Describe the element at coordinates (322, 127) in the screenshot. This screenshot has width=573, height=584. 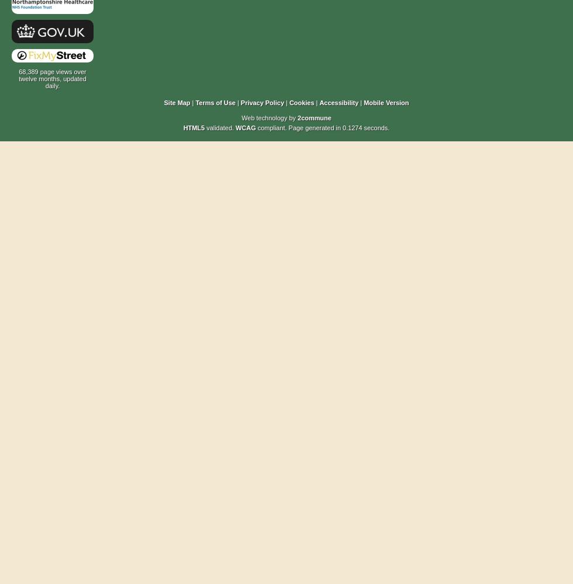
I see `'compliant. Page generated in 0.1274 seconds.'` at that location.